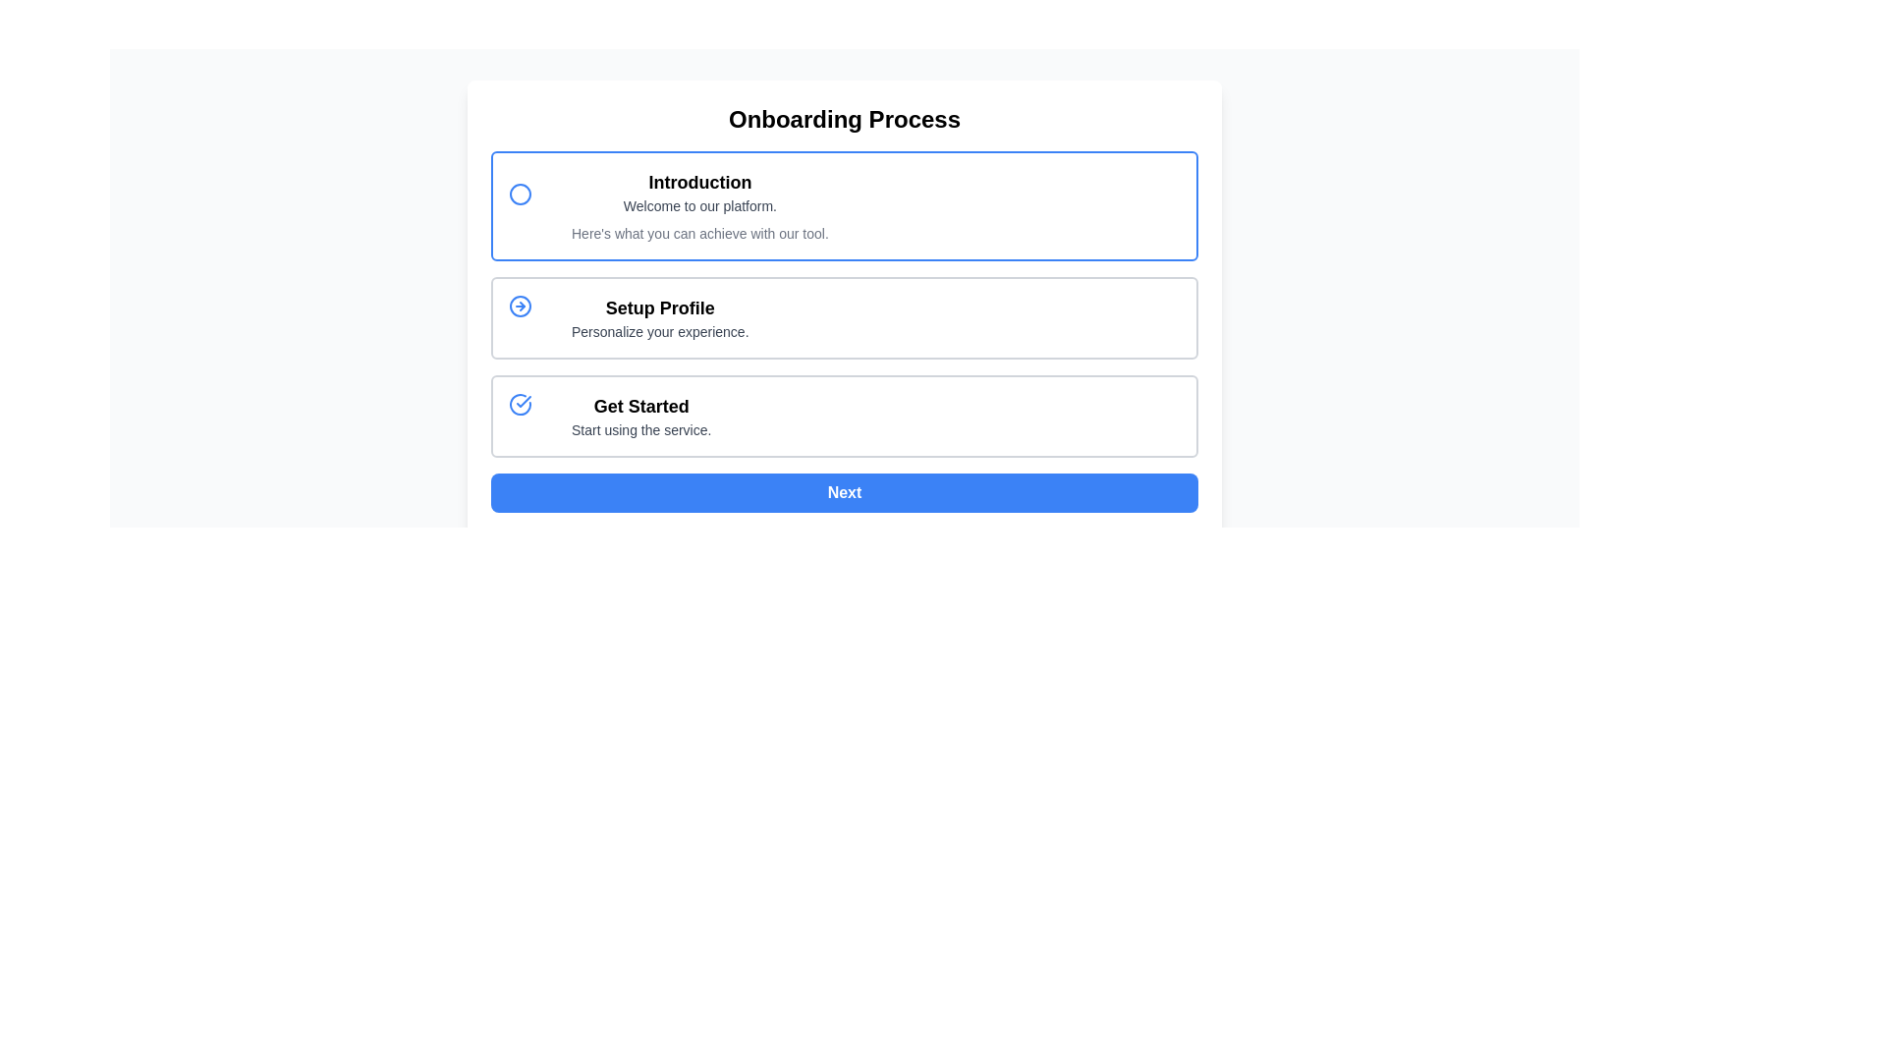 The image size is (1886, 1061). Describe the element at coordinates (520, 404) in the screenshot. I see `the circular graphical component with a blue outline and a checkmark inside, located adjacent to the 'Get Started' label in the onboarding interface` at that location.